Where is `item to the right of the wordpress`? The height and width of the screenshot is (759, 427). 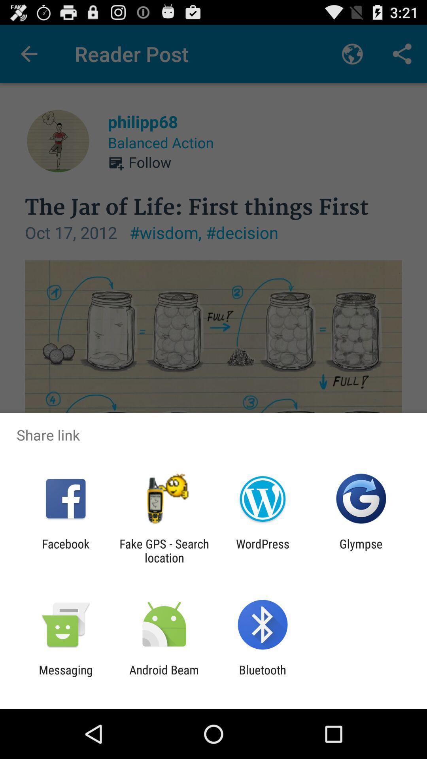
item to the right of the wordpress is located at coordinates (361, 550).